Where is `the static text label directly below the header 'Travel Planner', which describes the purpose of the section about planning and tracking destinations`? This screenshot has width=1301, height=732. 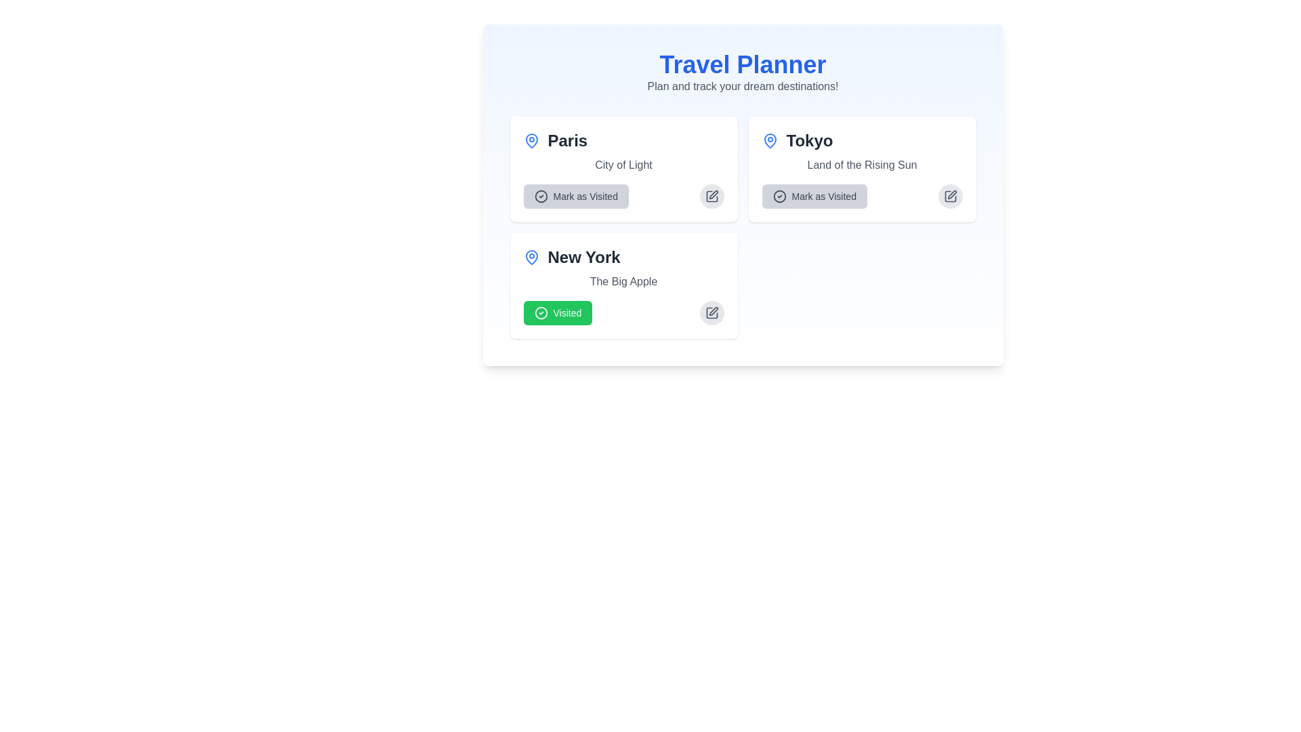
the static text label directly below the header 'Travel Planner', which describes the purpose of the section about planning and tracking destinations is located at coordinates (742, 86).